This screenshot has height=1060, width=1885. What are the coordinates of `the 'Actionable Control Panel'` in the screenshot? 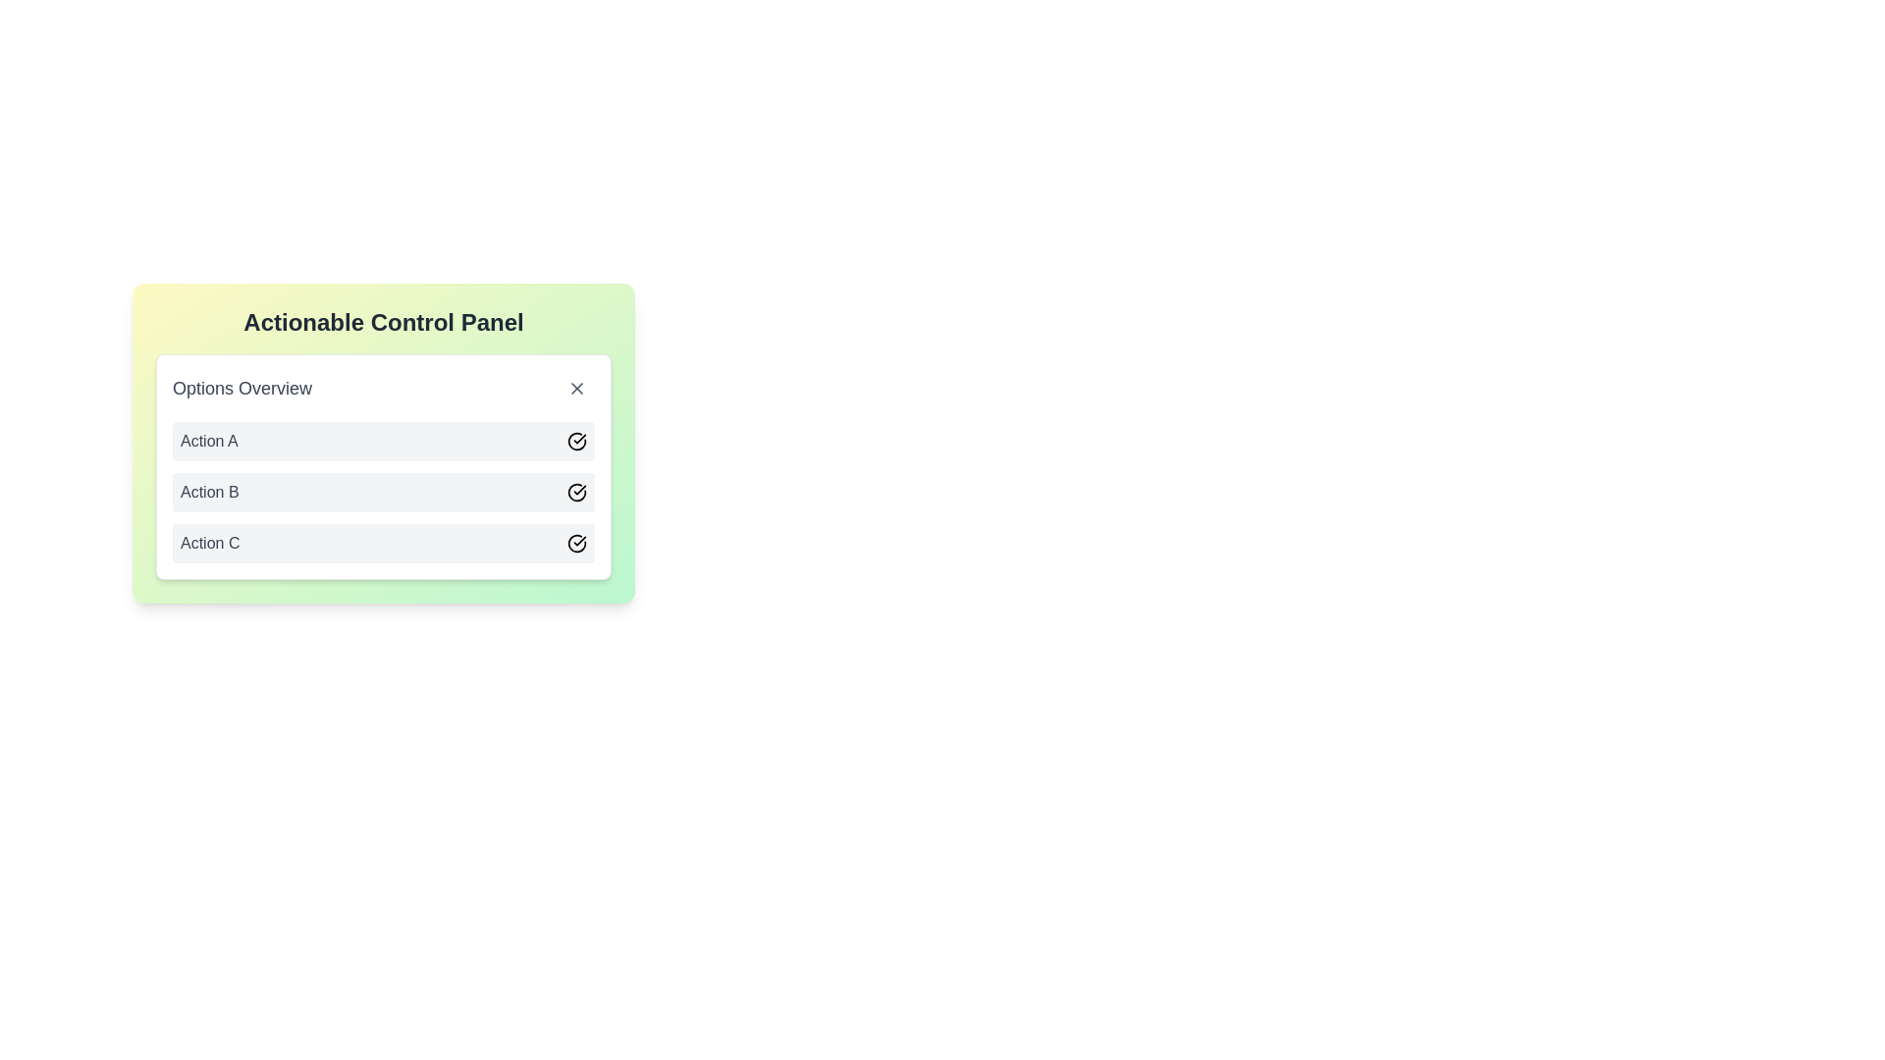 It's located at (383, 443).